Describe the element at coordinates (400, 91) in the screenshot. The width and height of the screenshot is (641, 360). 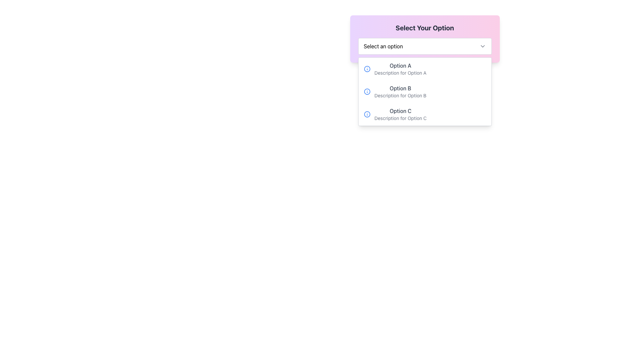
I see `the second selectable list item in the dropdown menu` at that location.